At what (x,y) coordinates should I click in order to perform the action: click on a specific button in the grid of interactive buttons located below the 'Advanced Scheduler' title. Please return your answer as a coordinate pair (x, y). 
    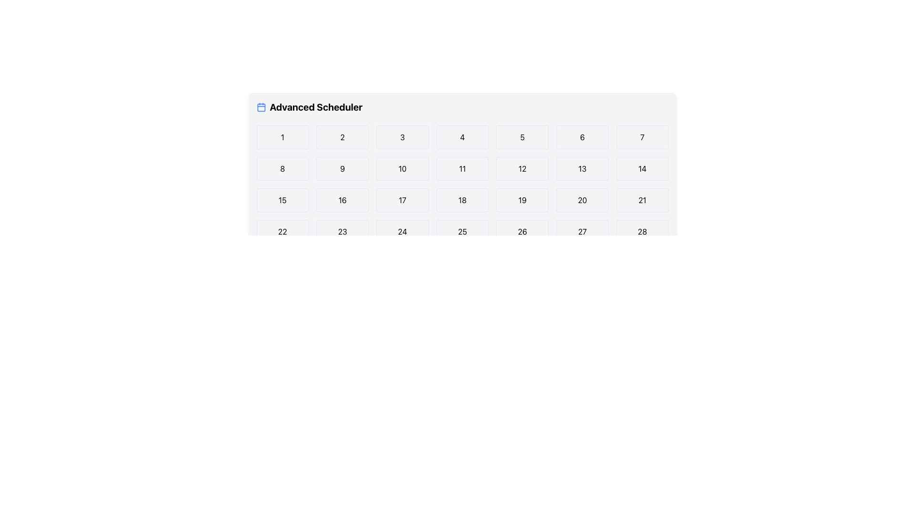
    Looking at the image, I should click on (462, 200).